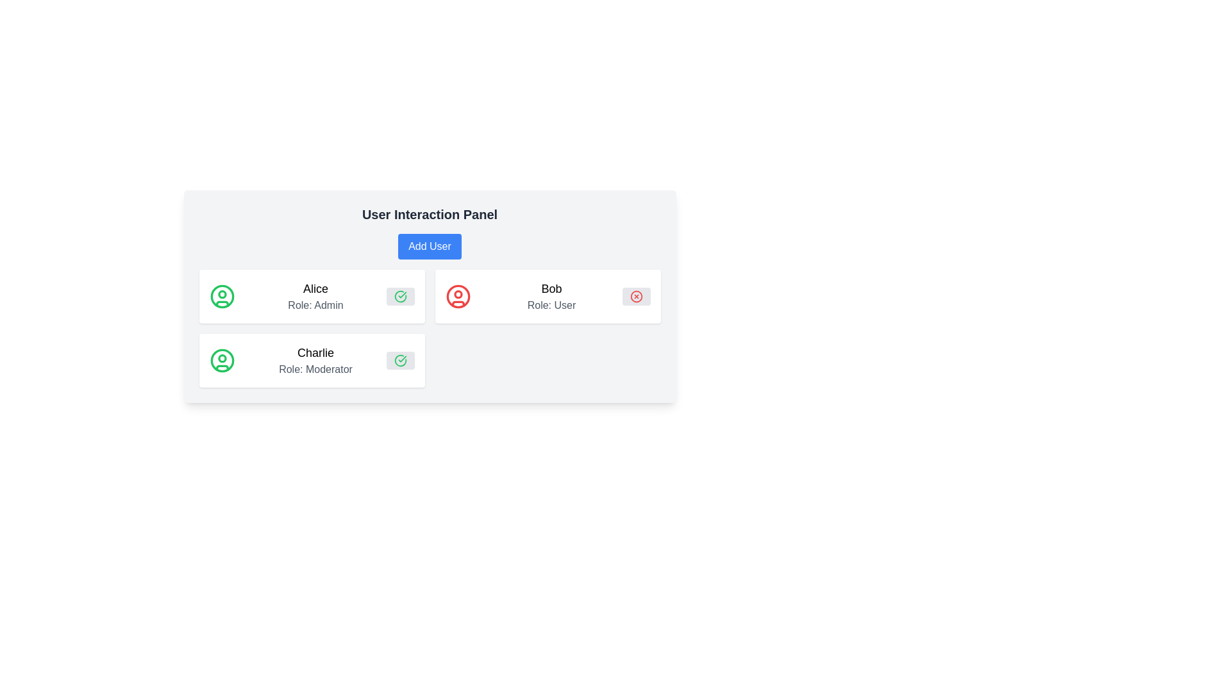  I want to click on the profile icon representing User Bob in the second user card, located in the left portion of the card near the top, so click(458, 296).